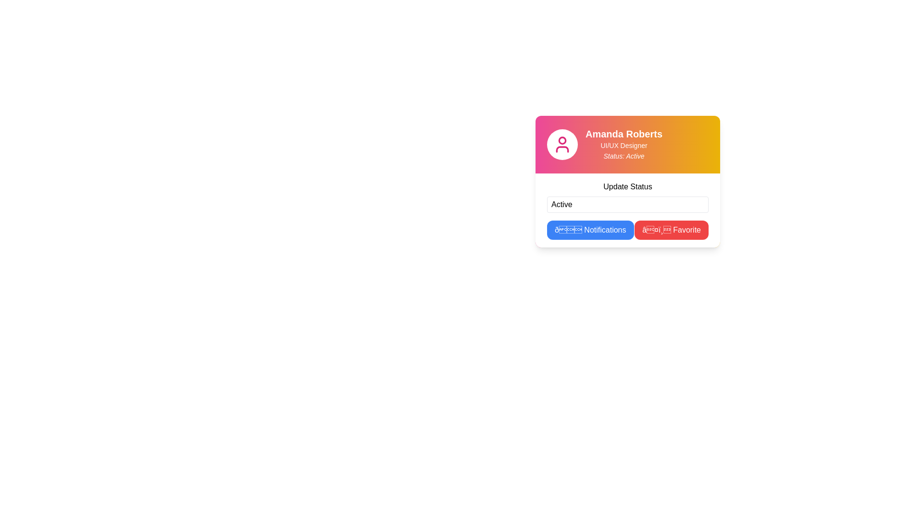 This screenshot has width=923, height=519. I want to click on the curved line representing the bottom half of the person icon, which resembles the outline of shoulders and part of the body in the user profile visuals, so click(562, 149).